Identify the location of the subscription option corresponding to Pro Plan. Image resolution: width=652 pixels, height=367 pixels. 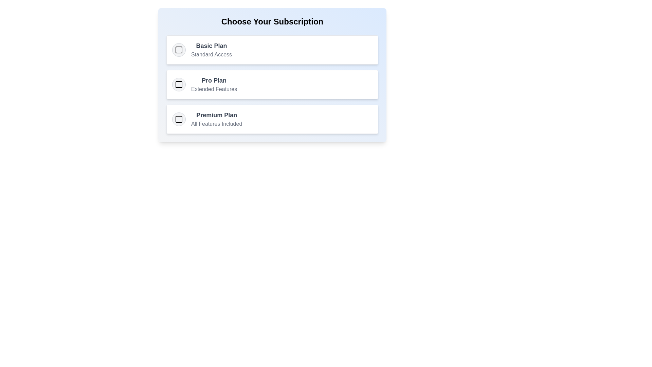
(179, 84).